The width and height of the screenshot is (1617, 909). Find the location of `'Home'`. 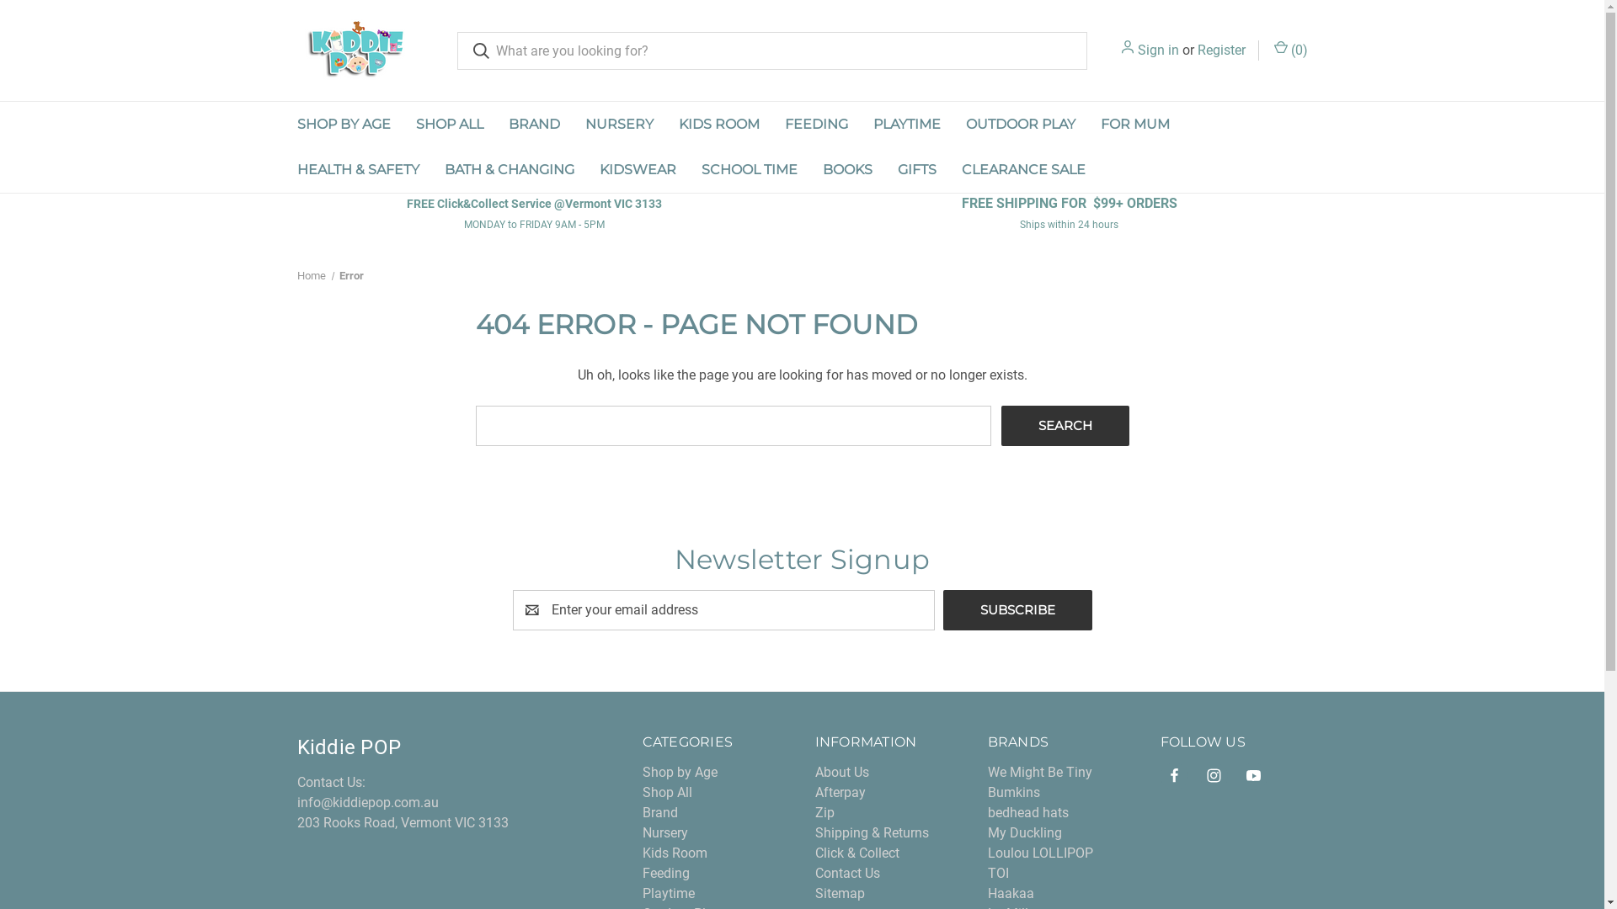

'Home' is located at coordinates (296, 274).